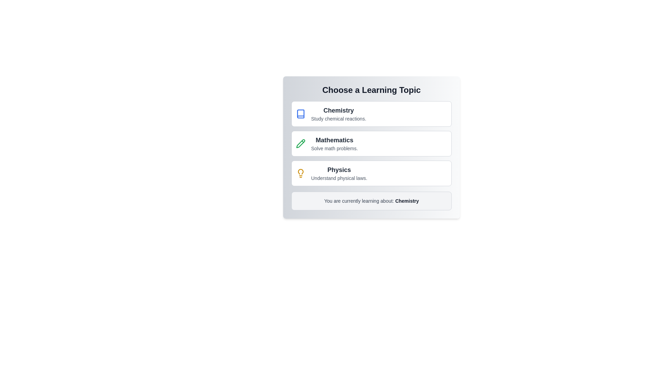  What do you see at coordinates (371, 201) in the screenshot?
I see `text content from the Text Display Box located below the selectable topic options for learning topics` at bounding box center [371, 201].